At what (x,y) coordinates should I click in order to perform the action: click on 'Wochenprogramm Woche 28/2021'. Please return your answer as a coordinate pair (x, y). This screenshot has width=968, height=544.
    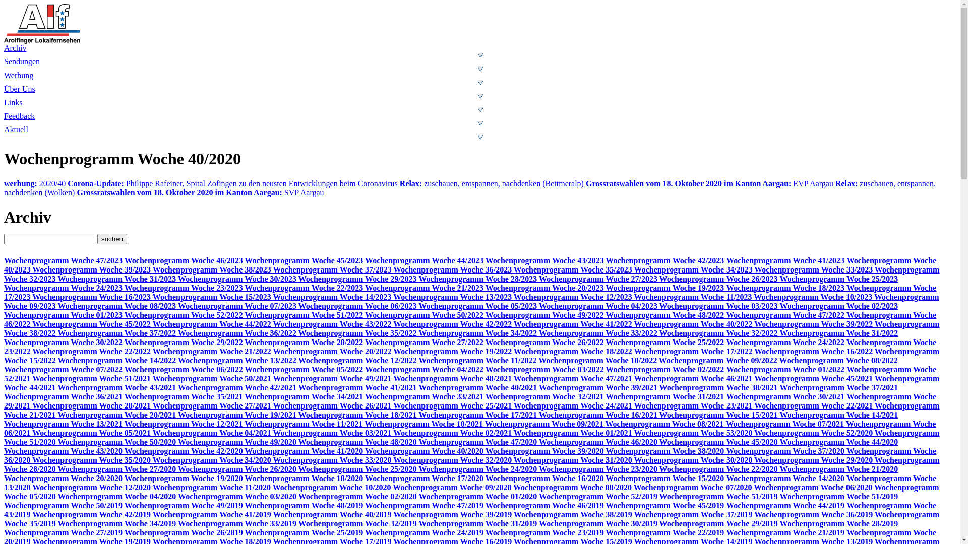
    Looking at the image, I should click on (92, 405).